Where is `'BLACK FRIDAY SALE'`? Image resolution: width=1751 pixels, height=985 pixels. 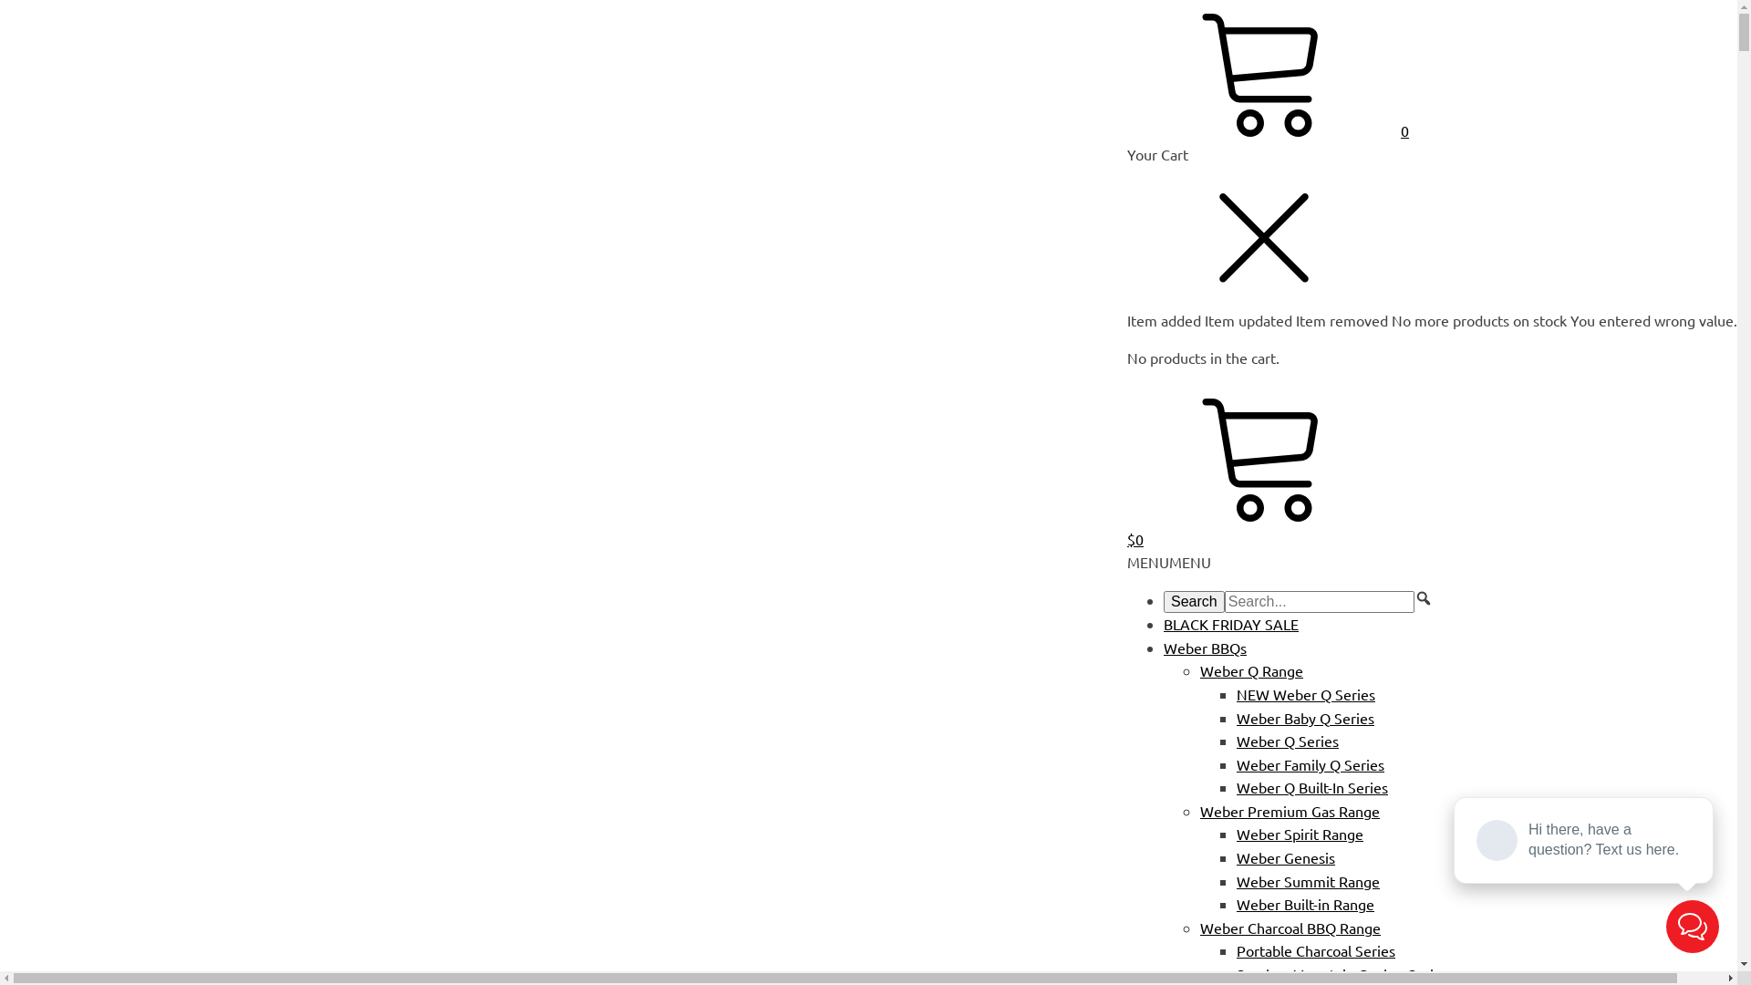
'BLACK FRIDAY SALE' is located at coordinates (1230, 622).